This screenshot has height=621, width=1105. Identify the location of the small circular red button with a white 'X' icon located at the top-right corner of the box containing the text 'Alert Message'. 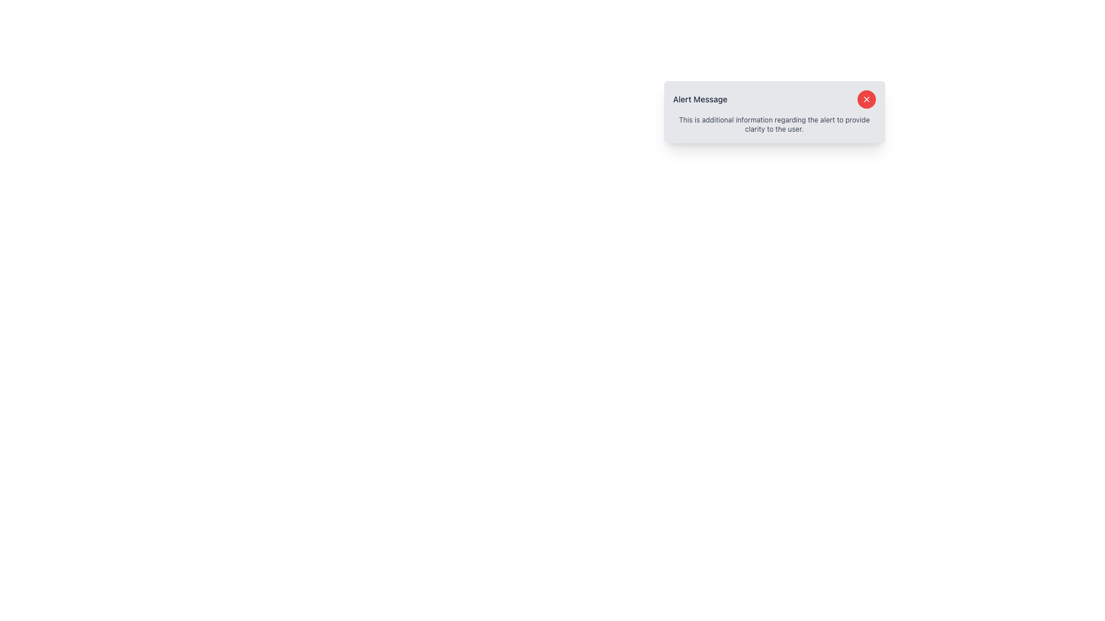
(866, 99).